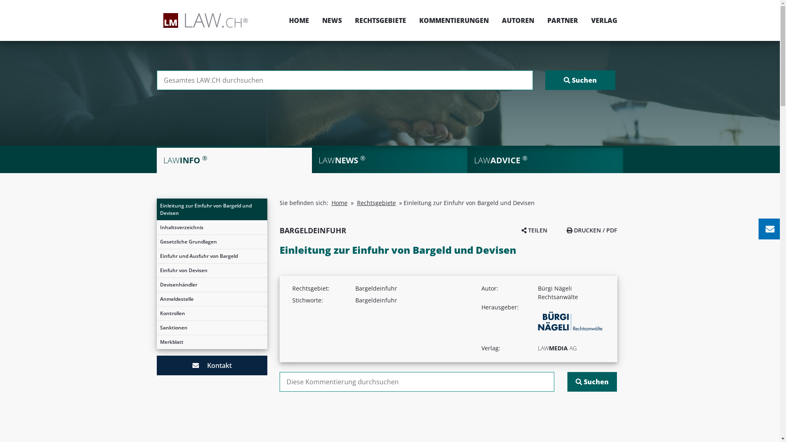 The image size is (786, 442). Describe the element at coordinates (156, 255) in the screenshot. I see `'Einfuhr und Ausfuhr von Bargeld'` at that location.